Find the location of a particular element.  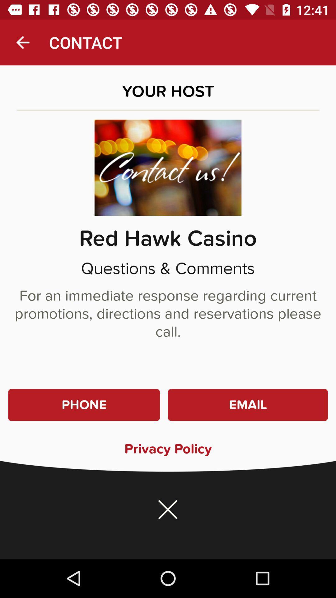

icon next to the email is located at coordinates (84, 405).